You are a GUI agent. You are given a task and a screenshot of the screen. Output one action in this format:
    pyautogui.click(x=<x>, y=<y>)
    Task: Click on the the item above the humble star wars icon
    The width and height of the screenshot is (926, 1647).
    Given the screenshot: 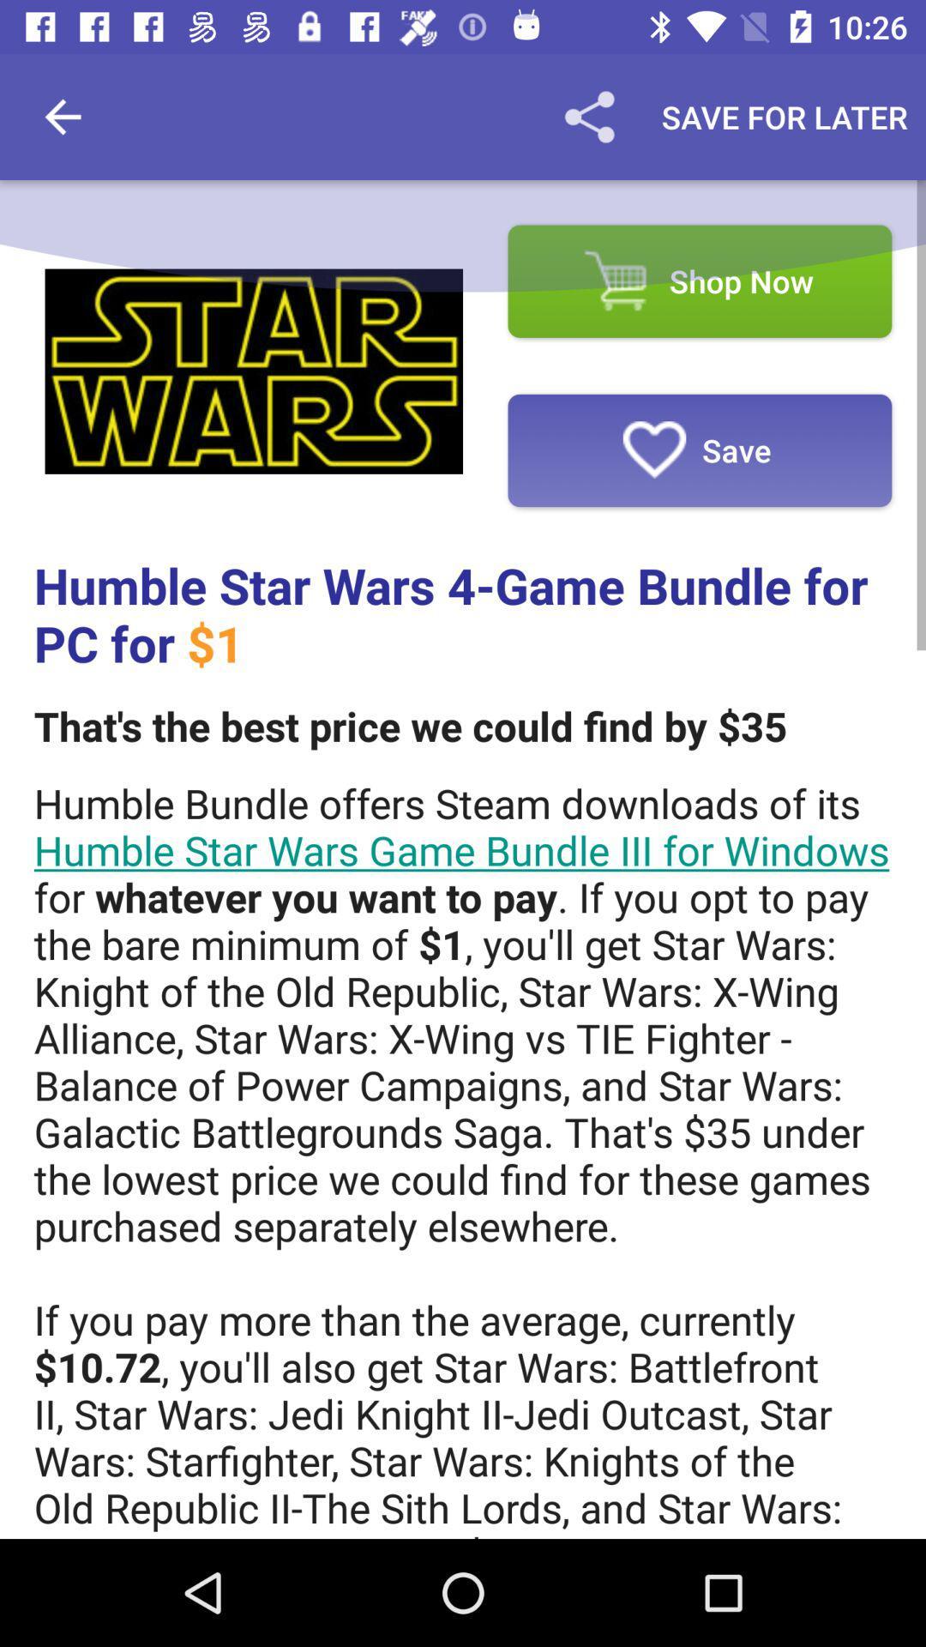 What is the action you would take?
    pyautogui.click(x=254, y=371)
    